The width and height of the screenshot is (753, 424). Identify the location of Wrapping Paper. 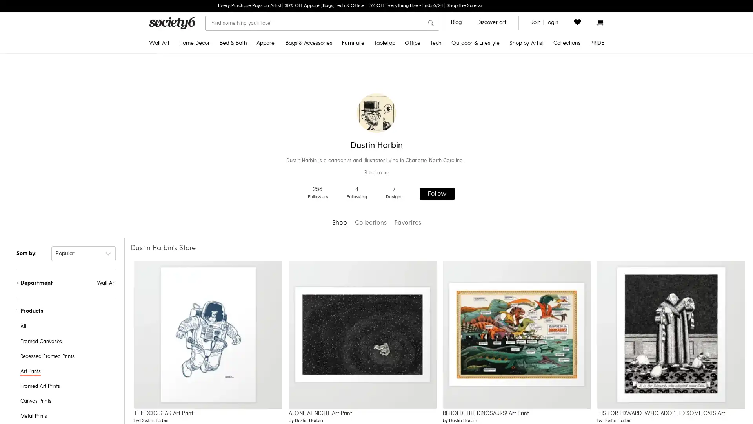
(432, 152).